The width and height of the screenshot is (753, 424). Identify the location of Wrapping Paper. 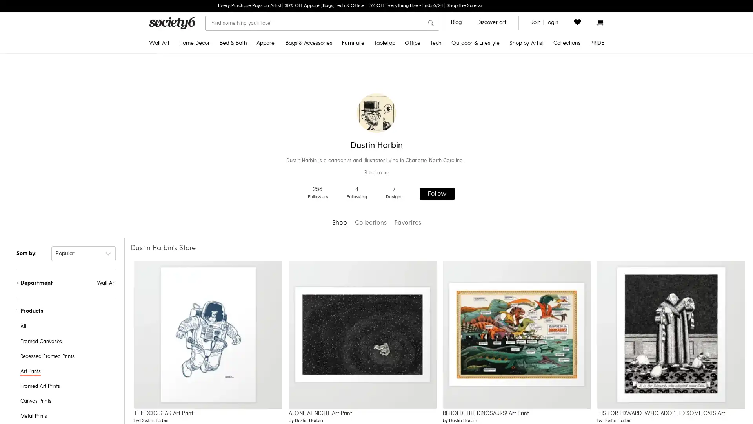
(432, 152).